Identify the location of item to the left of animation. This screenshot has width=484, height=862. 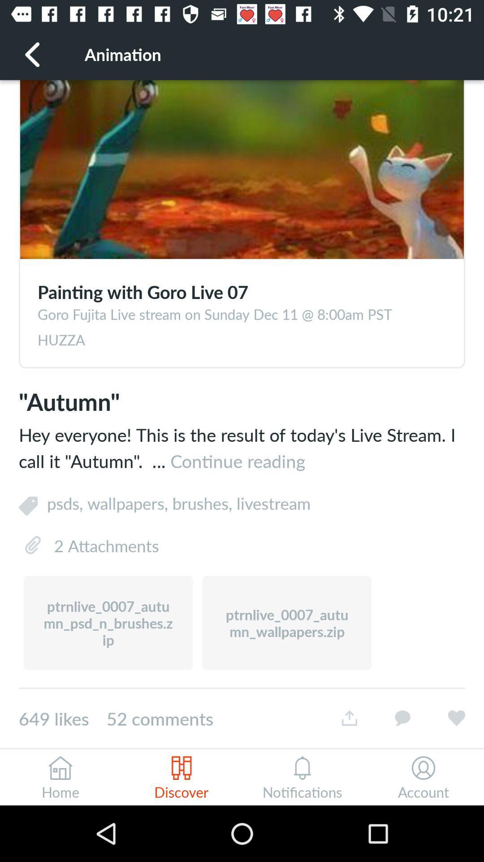
(32, 53).